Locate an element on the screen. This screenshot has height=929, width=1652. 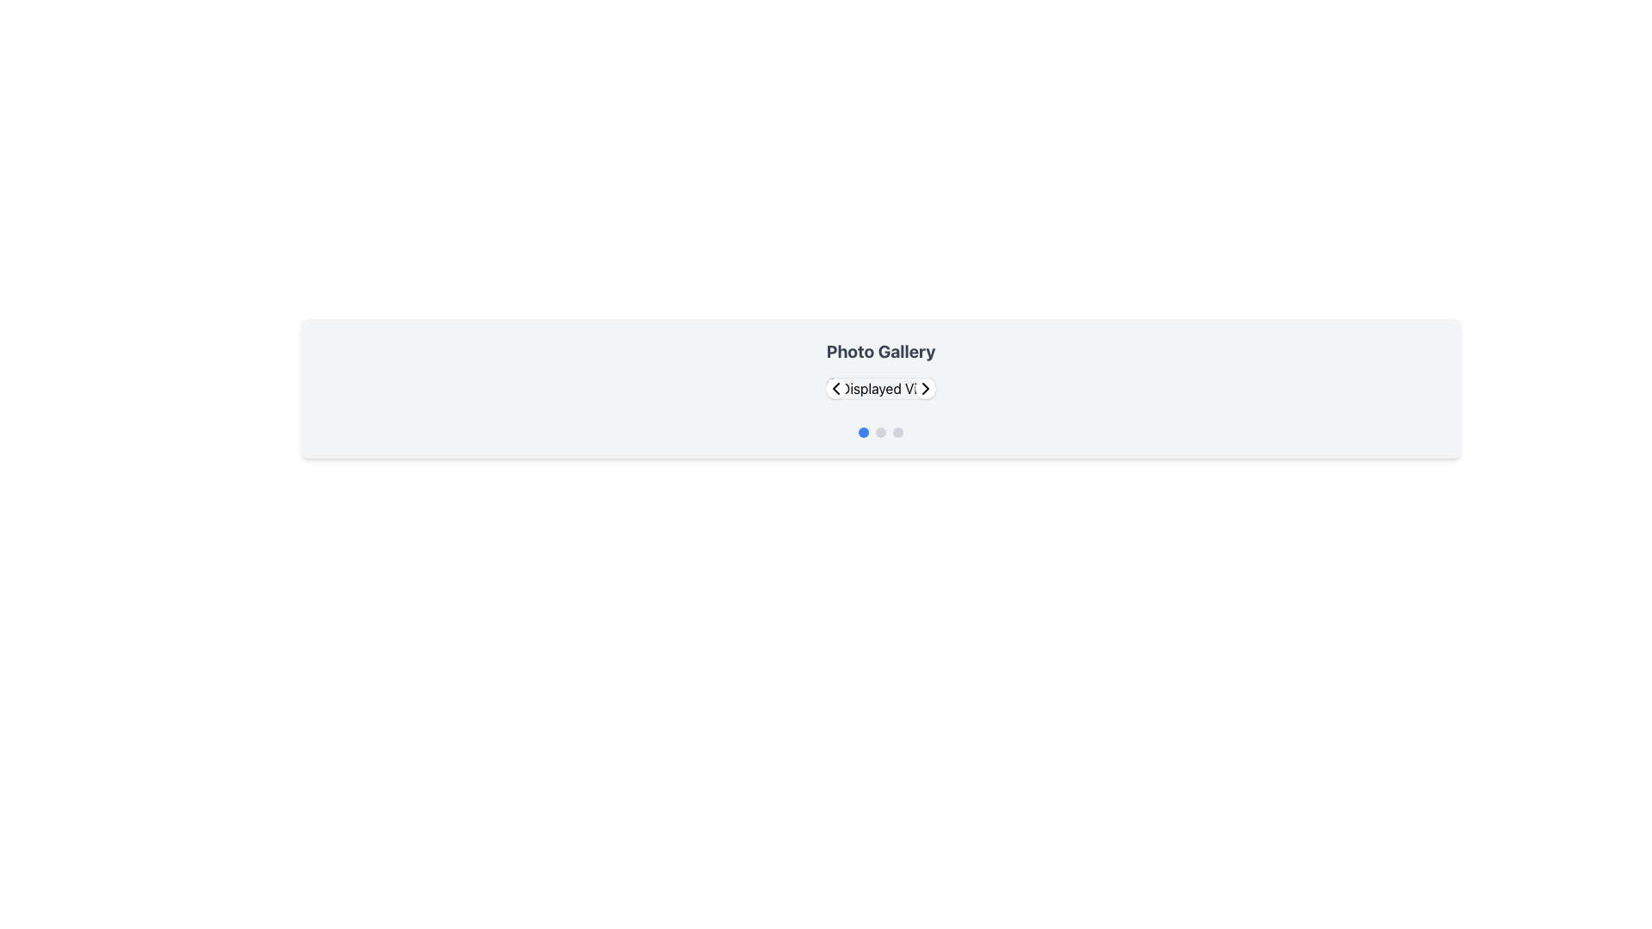
the second circular gray button located below the 'Photo Gallery' heading is located at coordinates (880, 431).